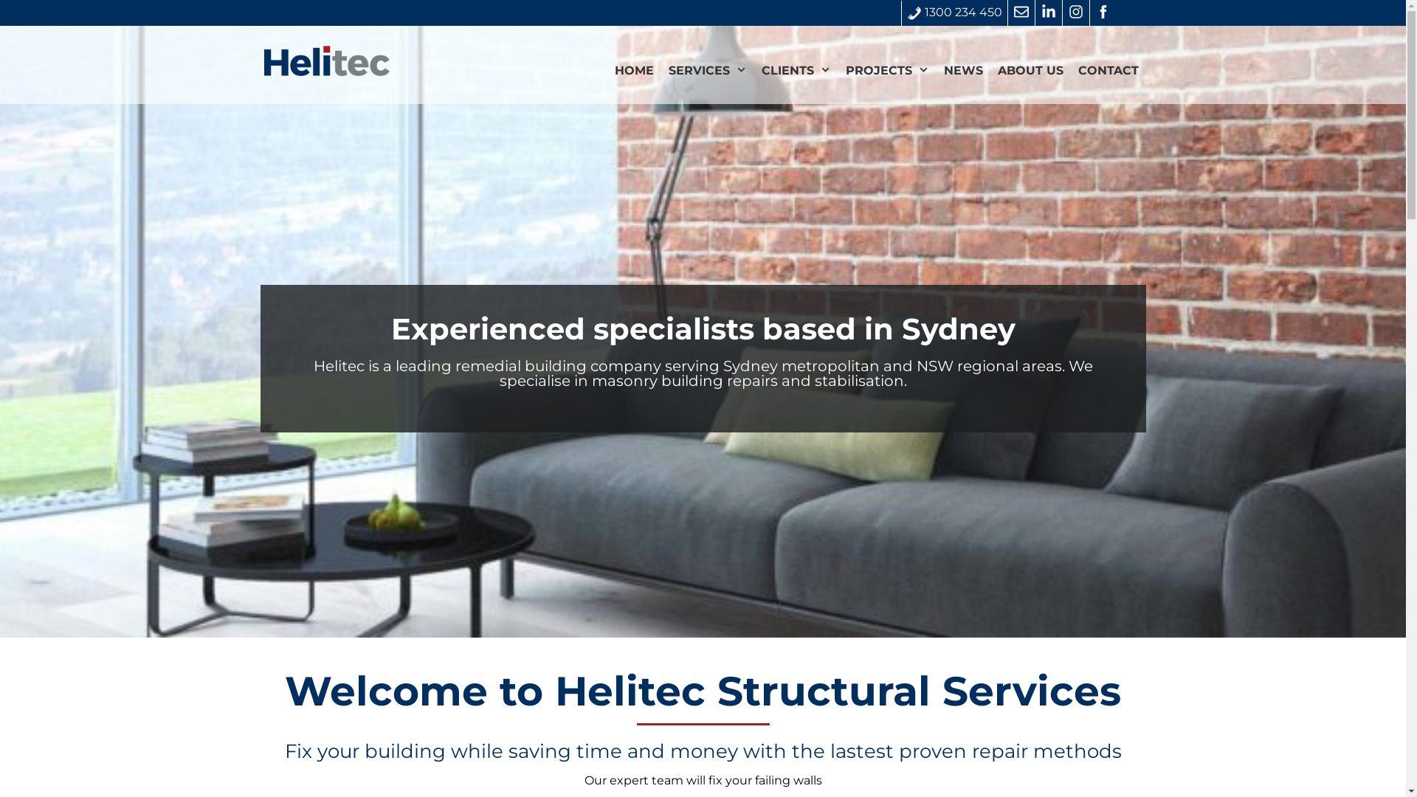 This screenshot has height=797, width=1417. Describe the element at coordinates (953, 12) in the screenshot. I see `'1300 234 450'` at that location.